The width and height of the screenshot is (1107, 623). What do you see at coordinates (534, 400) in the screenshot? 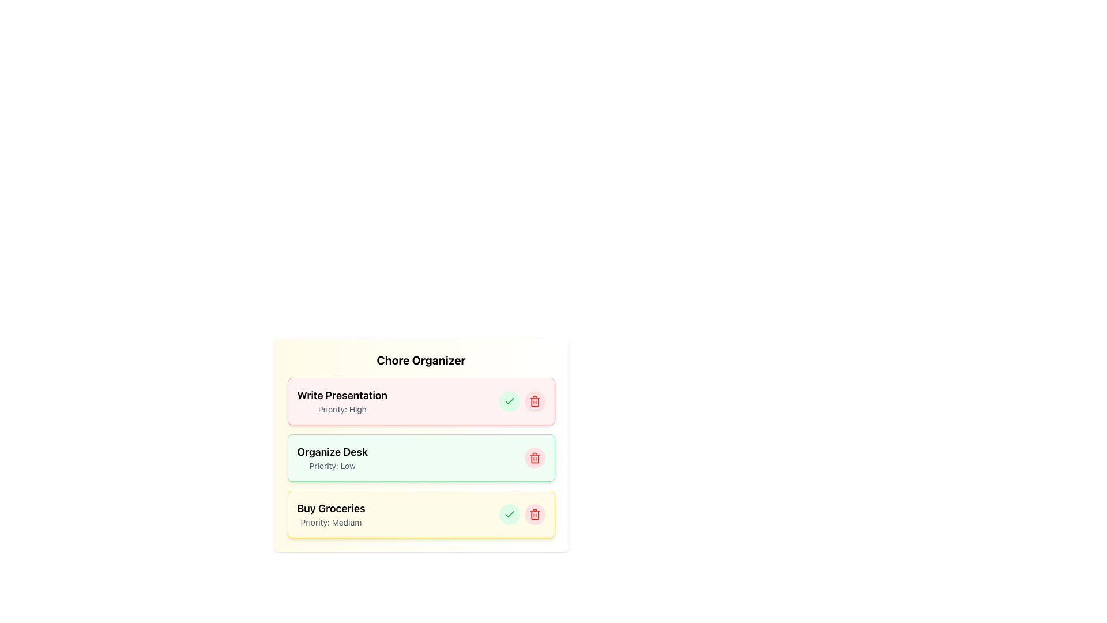
I see `the delete icon button located at the top-right corner of the 'Write Presentation' task item to initiate the deletion process` at bounding box center [534, 400].